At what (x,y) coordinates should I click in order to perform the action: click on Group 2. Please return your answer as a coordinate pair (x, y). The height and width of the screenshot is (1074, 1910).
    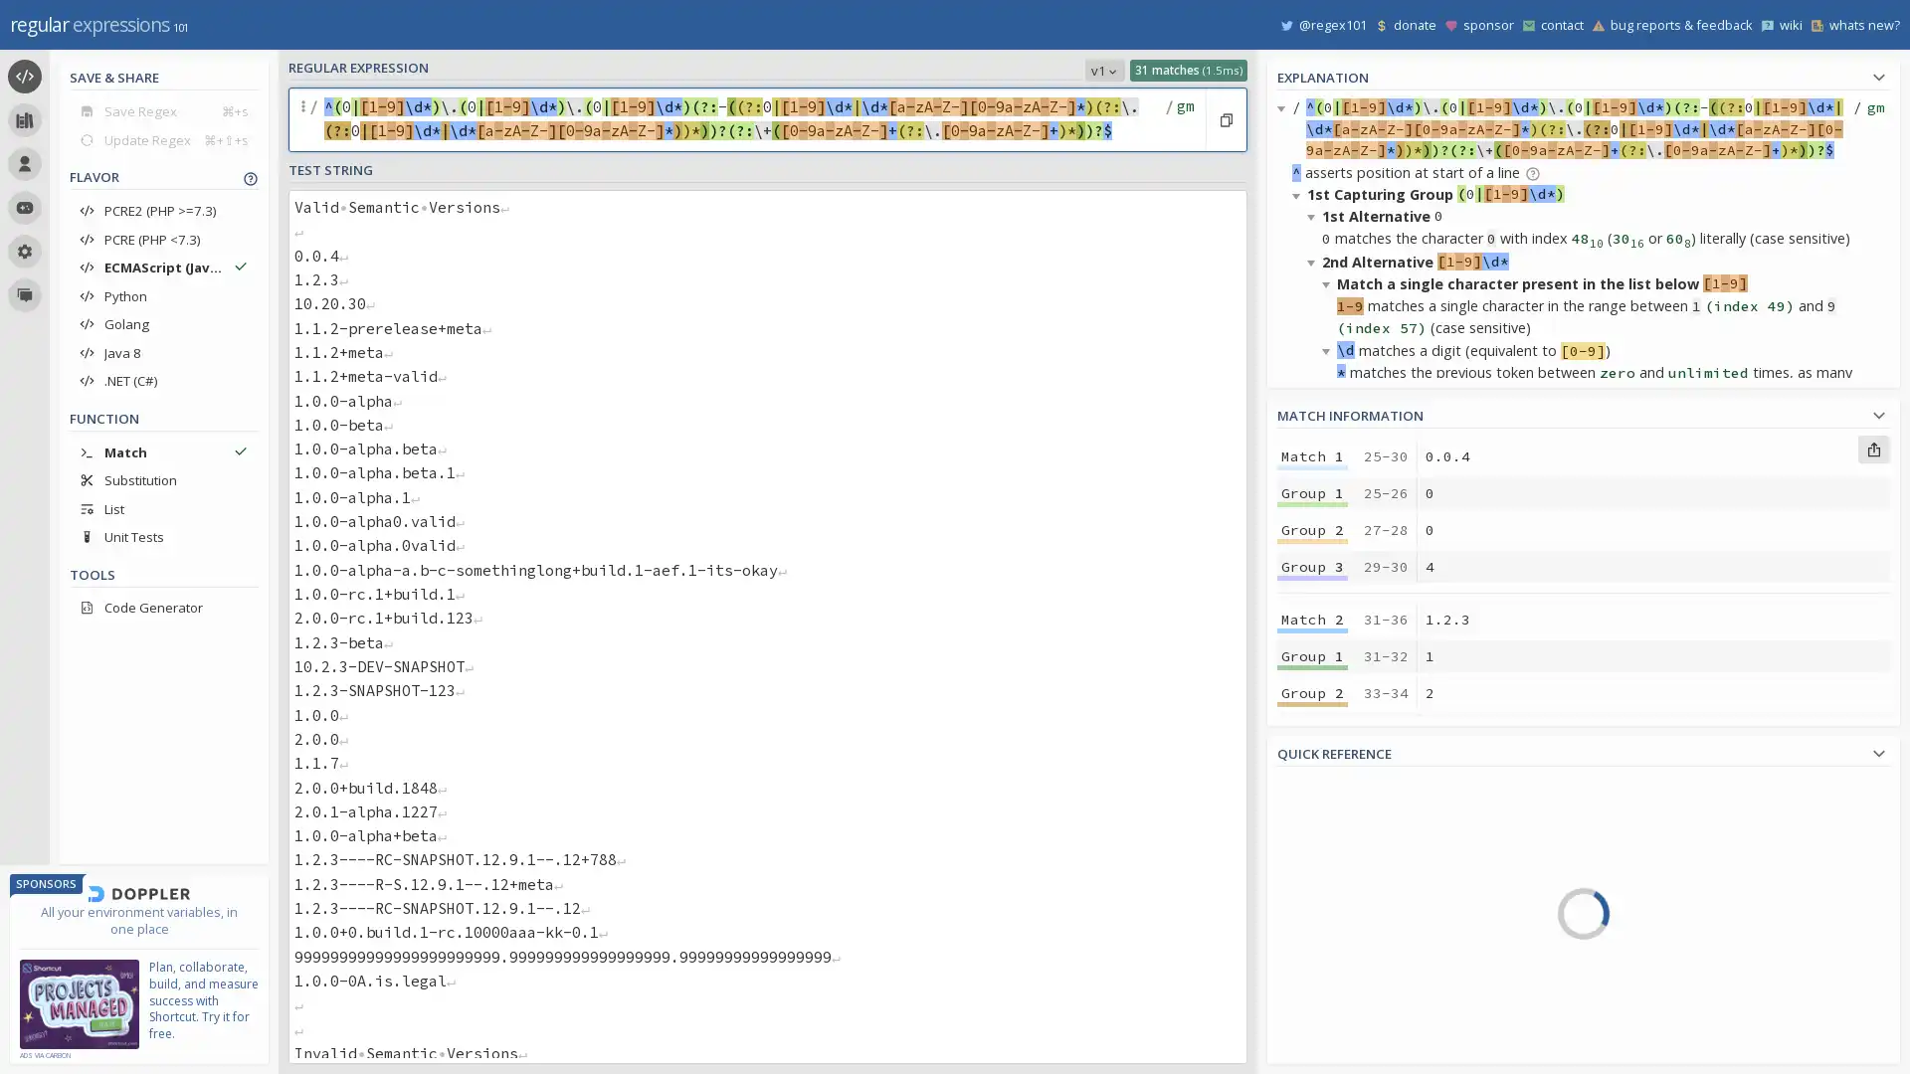
    Looking at the image, I should click on (1312, 1019).